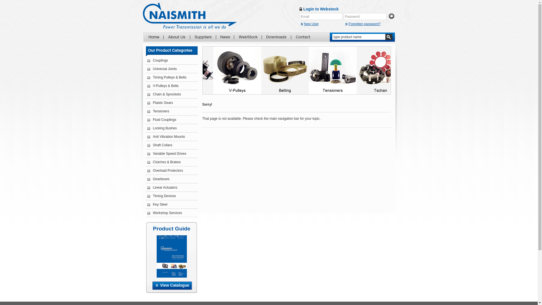 The height and width of the screenshot is (305, 542). Describe the element at coordinates (161, 119) in the screenshot. I see `'Fluid Couplings'` at that location.